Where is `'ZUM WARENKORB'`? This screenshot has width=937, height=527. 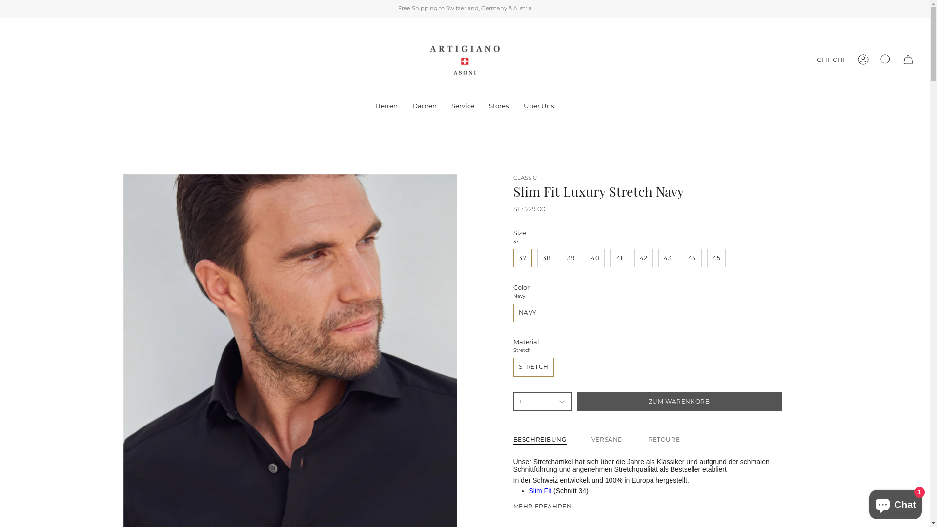 'ZUM WARENKORB' is located at coordinates (679, 402).